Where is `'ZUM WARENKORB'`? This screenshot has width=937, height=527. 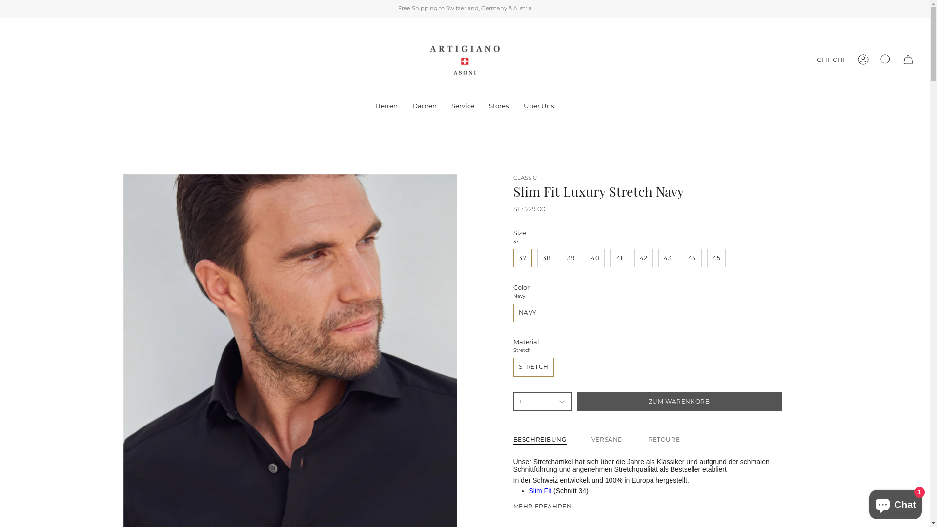 'ZUM WARENKORB' is located at coordinates (679, 402).